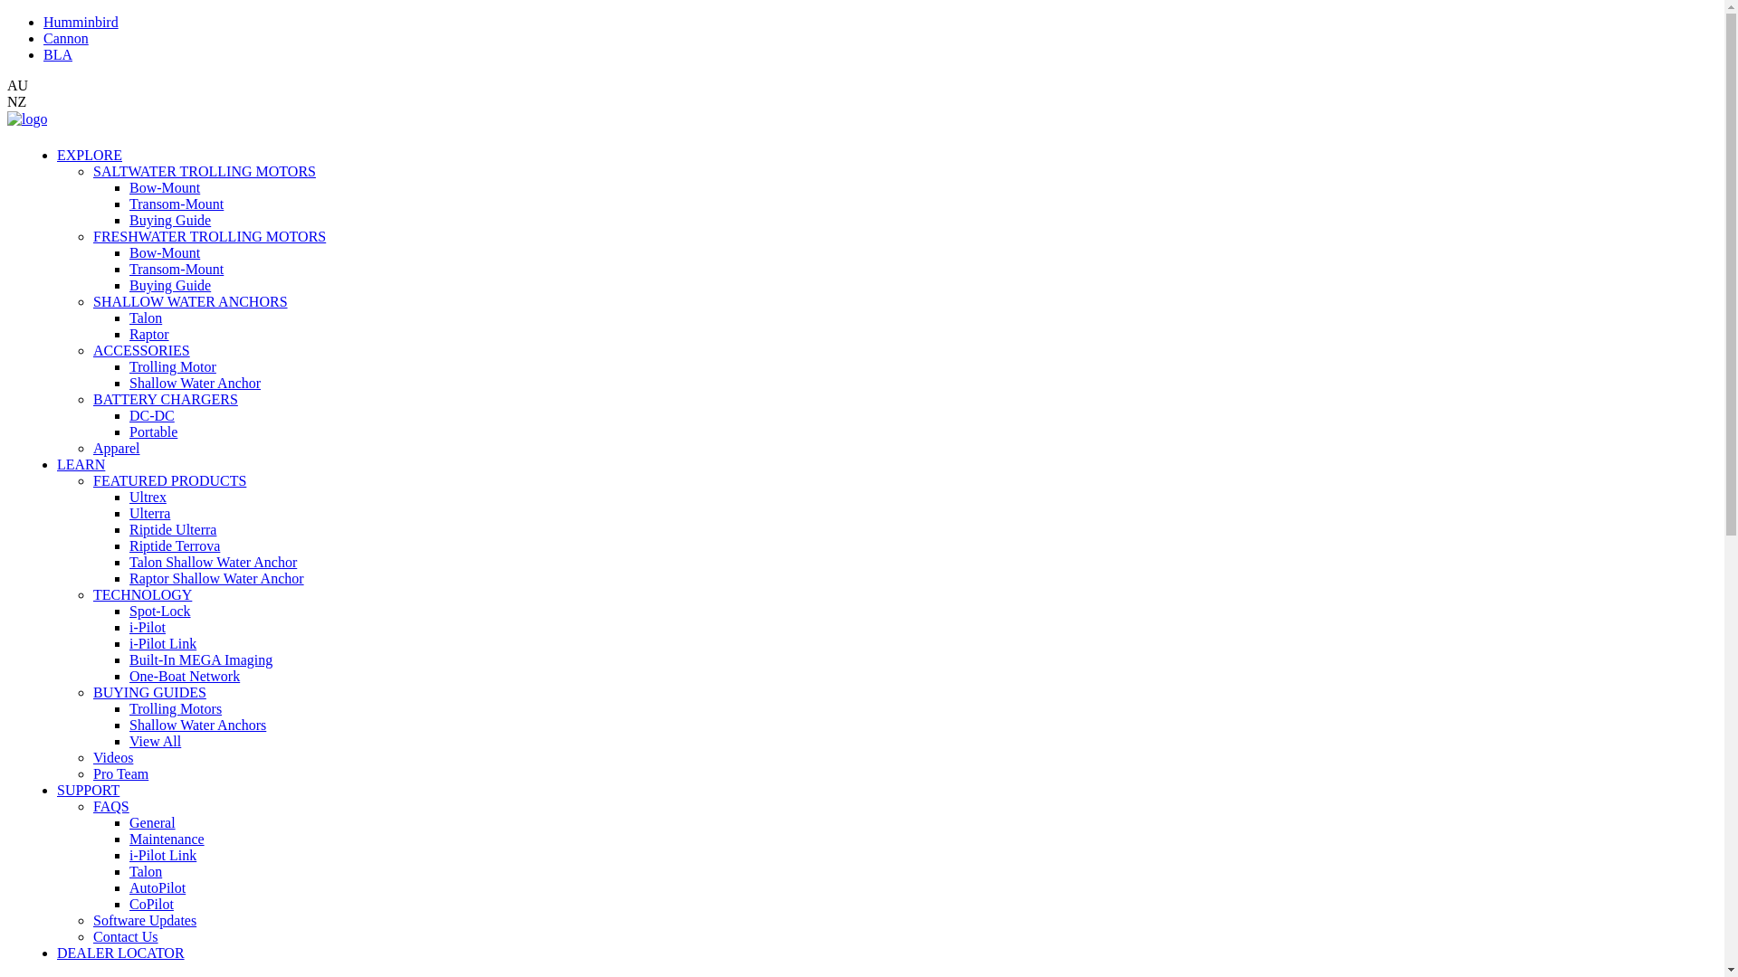  What do you see at coordinates (89, 154) in the screenshot?
I see `'EXPLORE'` at bounding box center [89, 154].